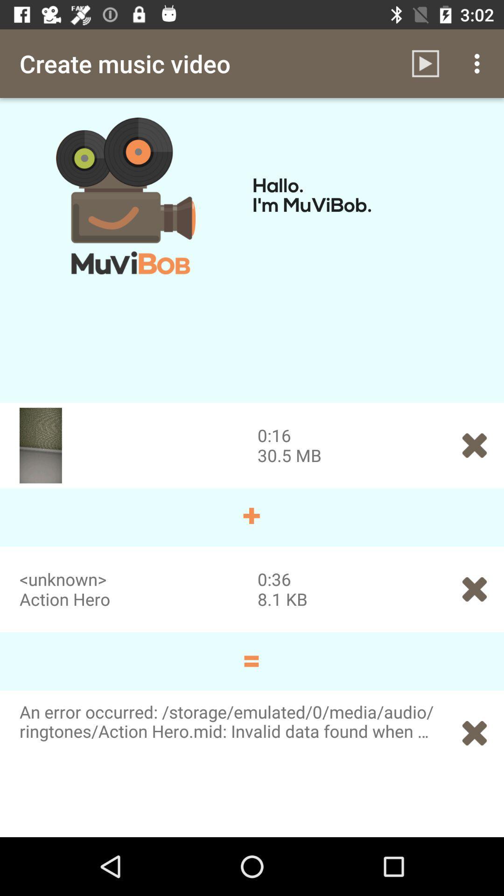 The image size is (504, 896). Describe the element at coordinates (475, 588) in the screenshot. I see `the close icon` at that location.